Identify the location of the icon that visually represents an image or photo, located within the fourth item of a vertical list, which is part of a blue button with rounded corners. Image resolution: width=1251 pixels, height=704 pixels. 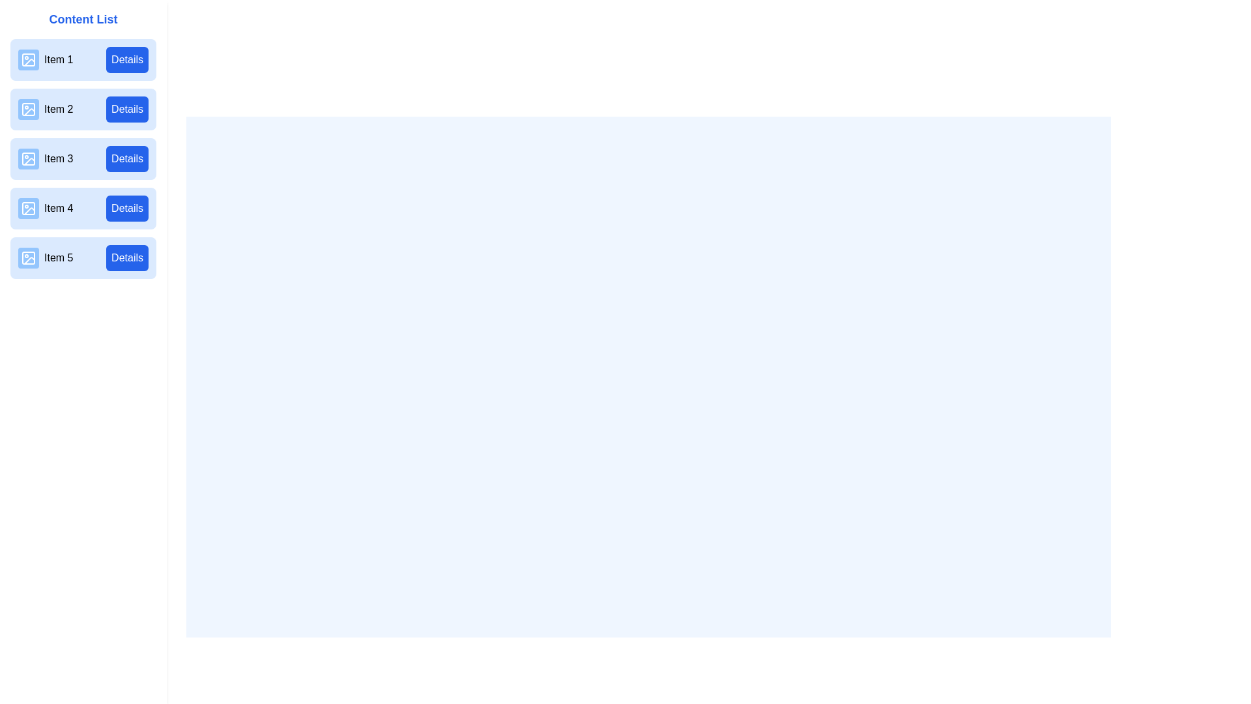
(28, 208).